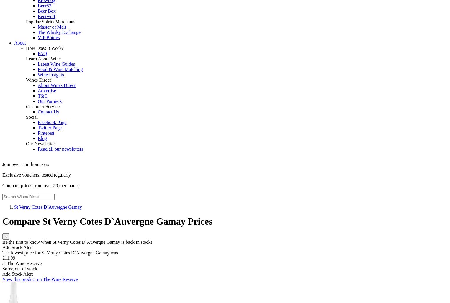  Describe the element at coordinates (2, 268) in the screenshot. I see `'Sorry, out of stock'` at that location.